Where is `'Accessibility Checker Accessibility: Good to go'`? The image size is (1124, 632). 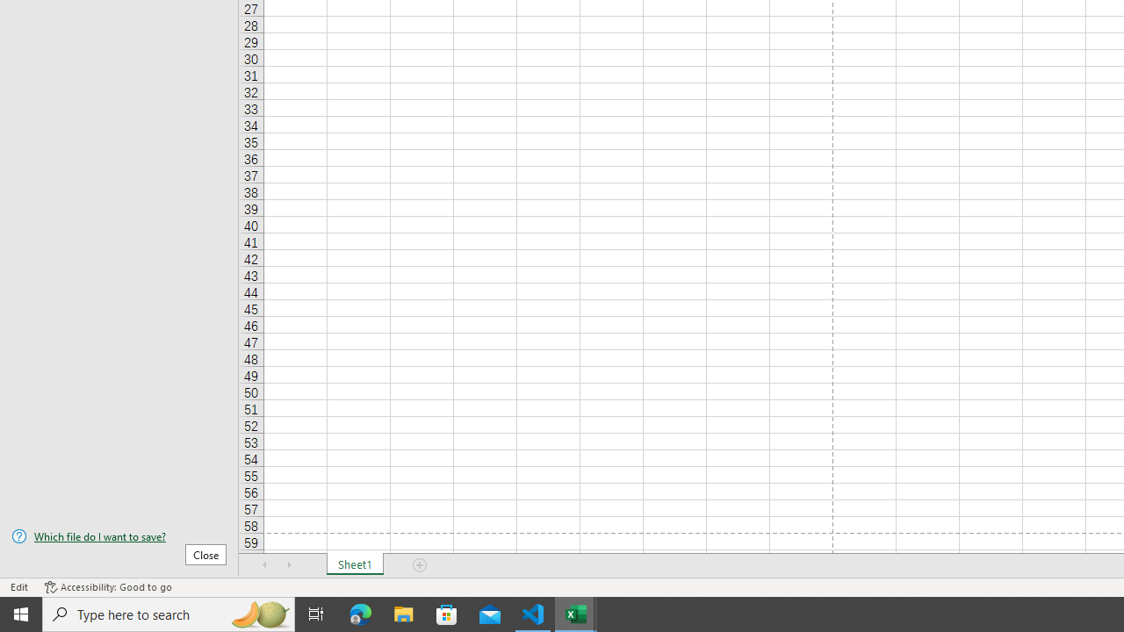 'Accessibility Checker Accessibility: Good to go' is located at coordinates (107, 587).